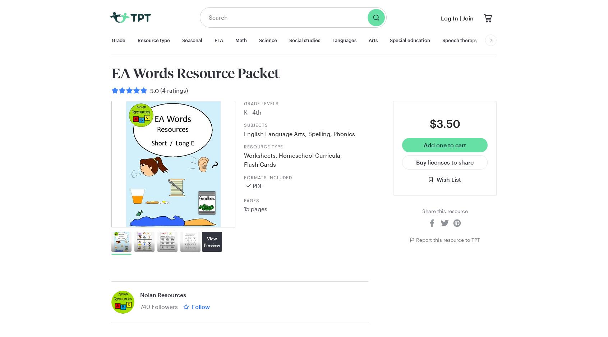 The height and width of the screenshot is (337, 608). Describe the element at coordinates (186, 90) in the screenshot. I see `')'` at that location.